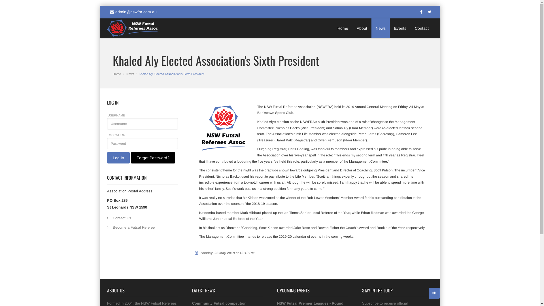 This screenshot has height=306, width=544. I want to click on 'News', so click(380, 28).